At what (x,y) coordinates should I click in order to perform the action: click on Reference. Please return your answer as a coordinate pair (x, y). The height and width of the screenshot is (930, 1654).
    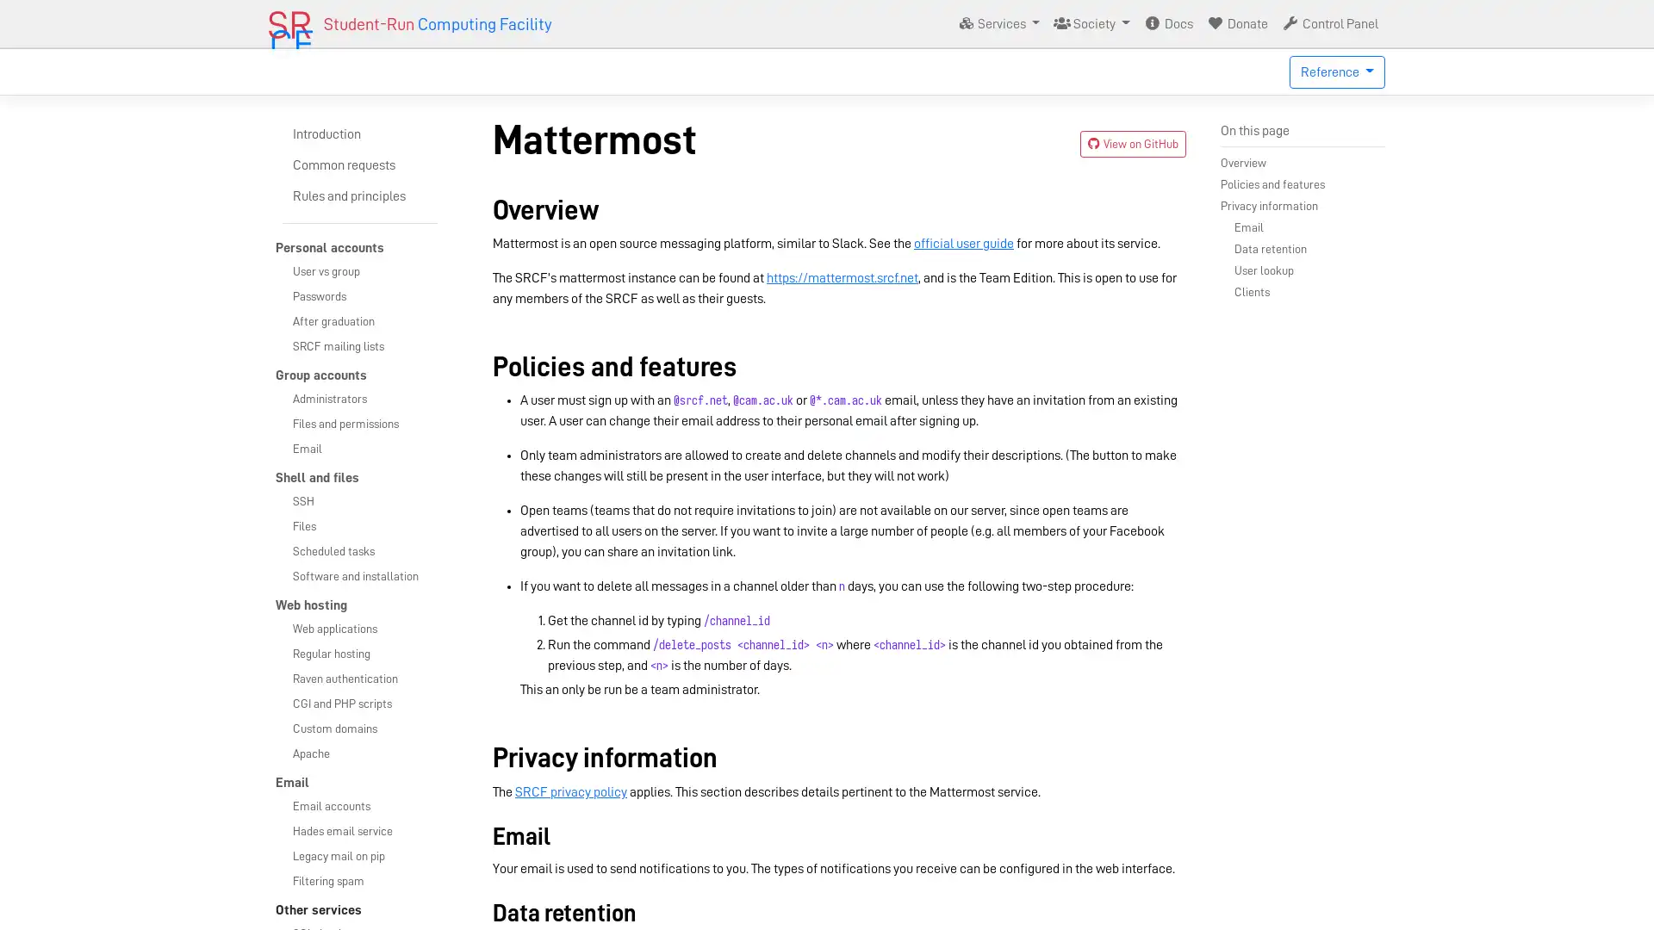
    Looking at the image, I should click on (1336, 71).